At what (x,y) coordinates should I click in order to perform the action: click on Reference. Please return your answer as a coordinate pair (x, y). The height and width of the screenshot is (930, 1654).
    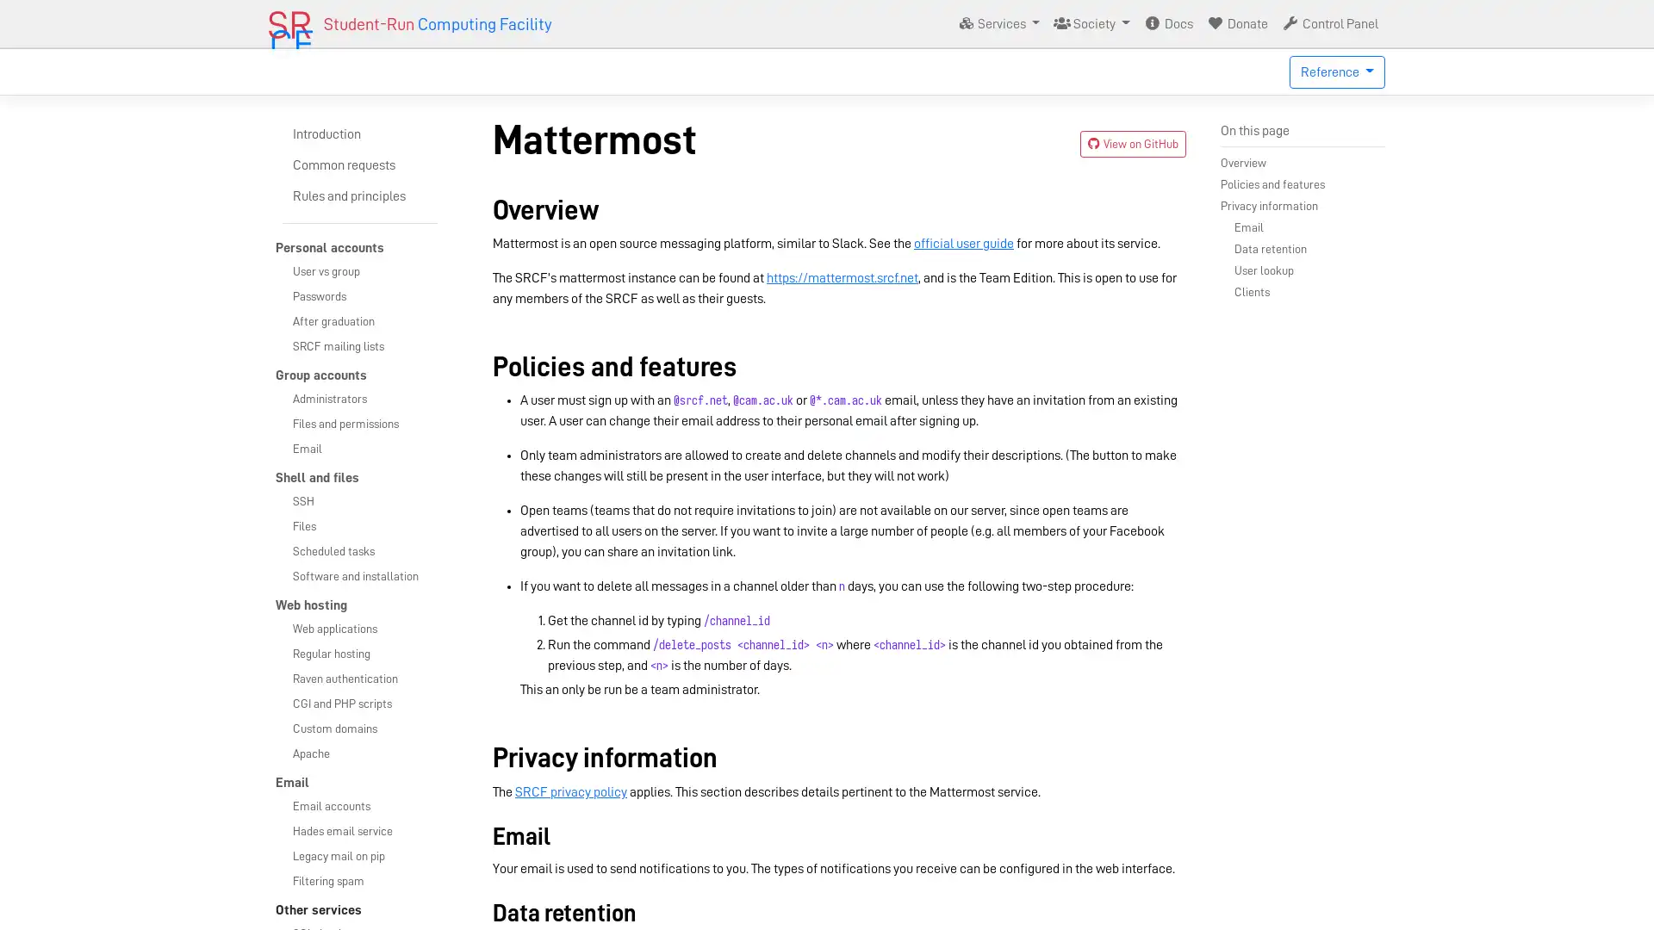
    Looking at the image, I should click on (1336, 71).